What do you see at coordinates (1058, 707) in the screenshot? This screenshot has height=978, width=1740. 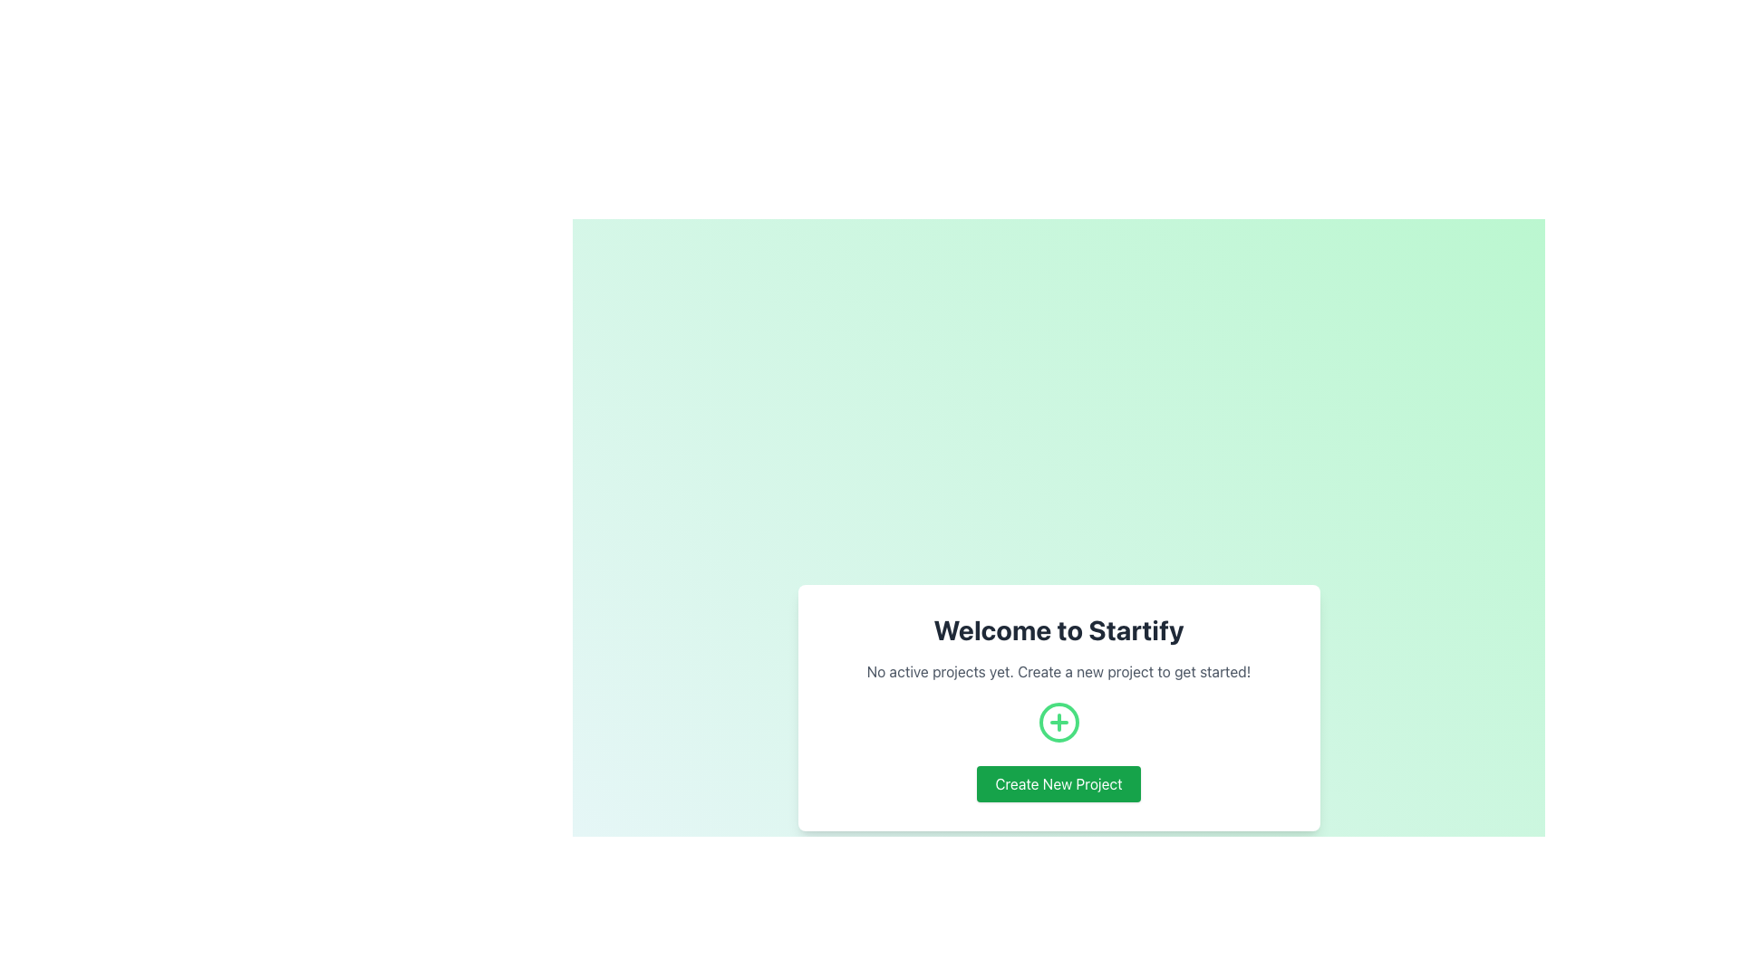 I see `the green circular icon with a plus symbol, located centrally below the welcome message and above the 'Create New Project' button` at bounding box center [1058, 707].